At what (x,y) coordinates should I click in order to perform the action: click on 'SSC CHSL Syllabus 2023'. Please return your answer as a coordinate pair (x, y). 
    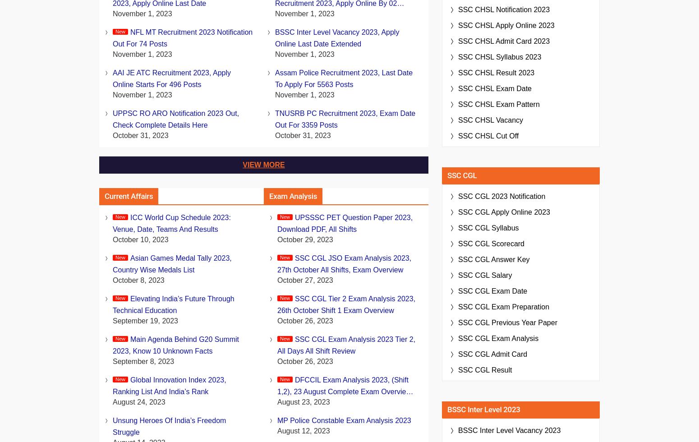
    Looking at the image, I should click on (499, 56).